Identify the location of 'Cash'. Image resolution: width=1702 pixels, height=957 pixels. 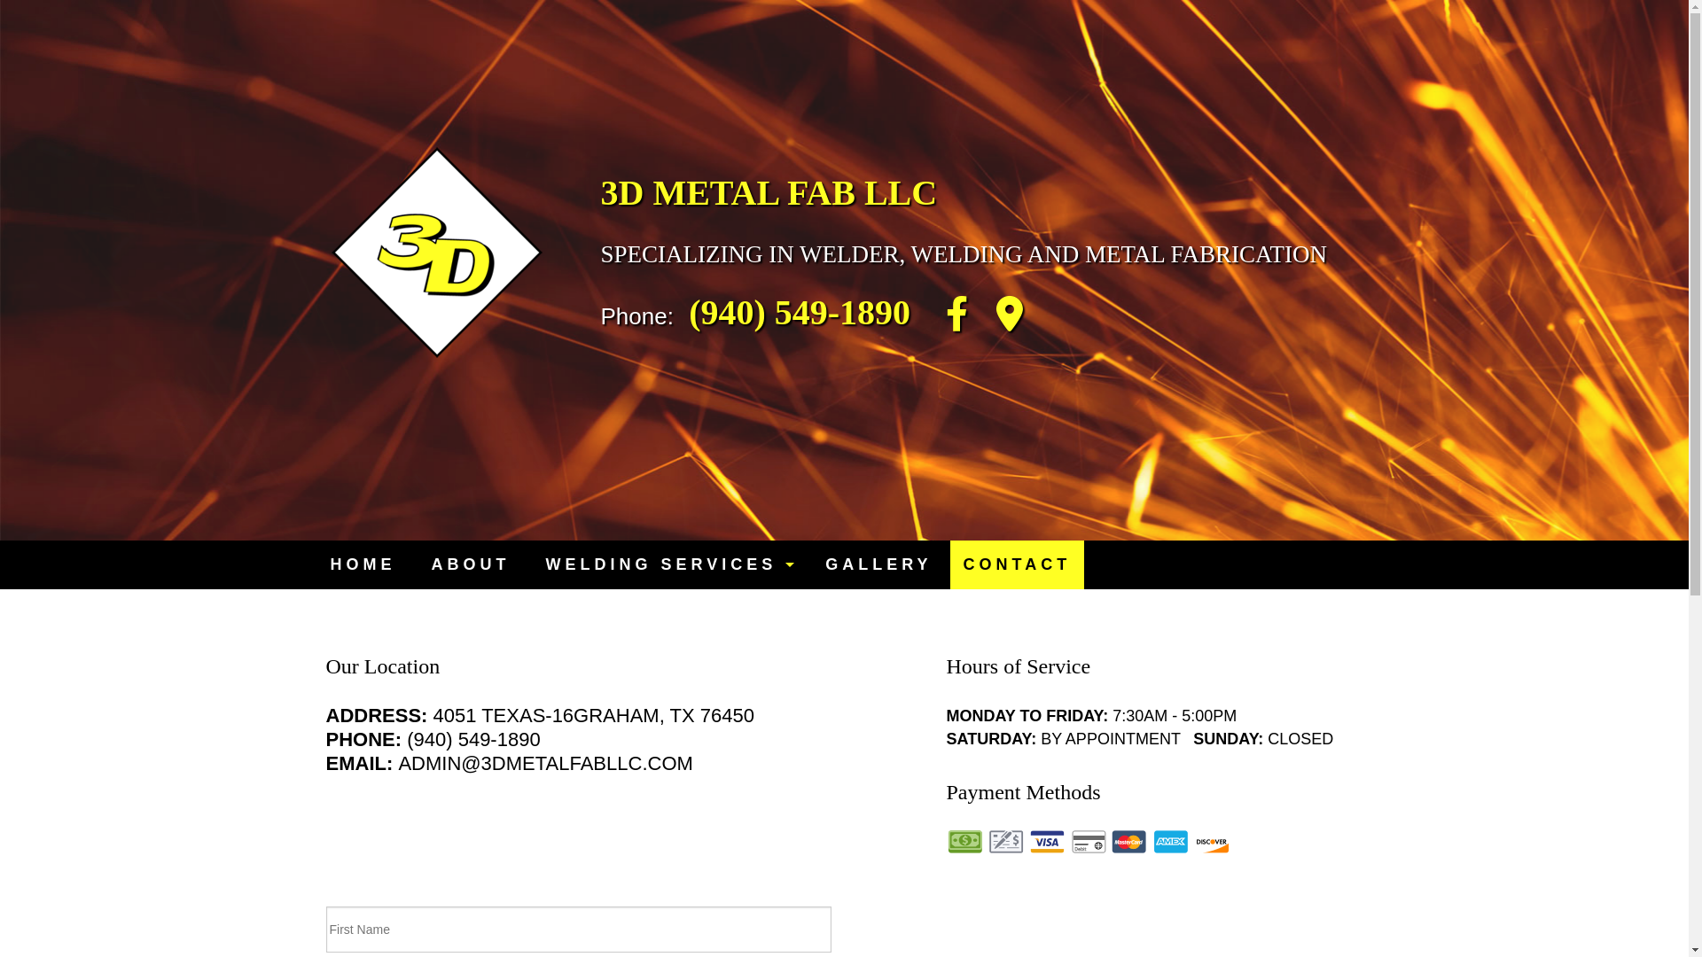
(946, 840).